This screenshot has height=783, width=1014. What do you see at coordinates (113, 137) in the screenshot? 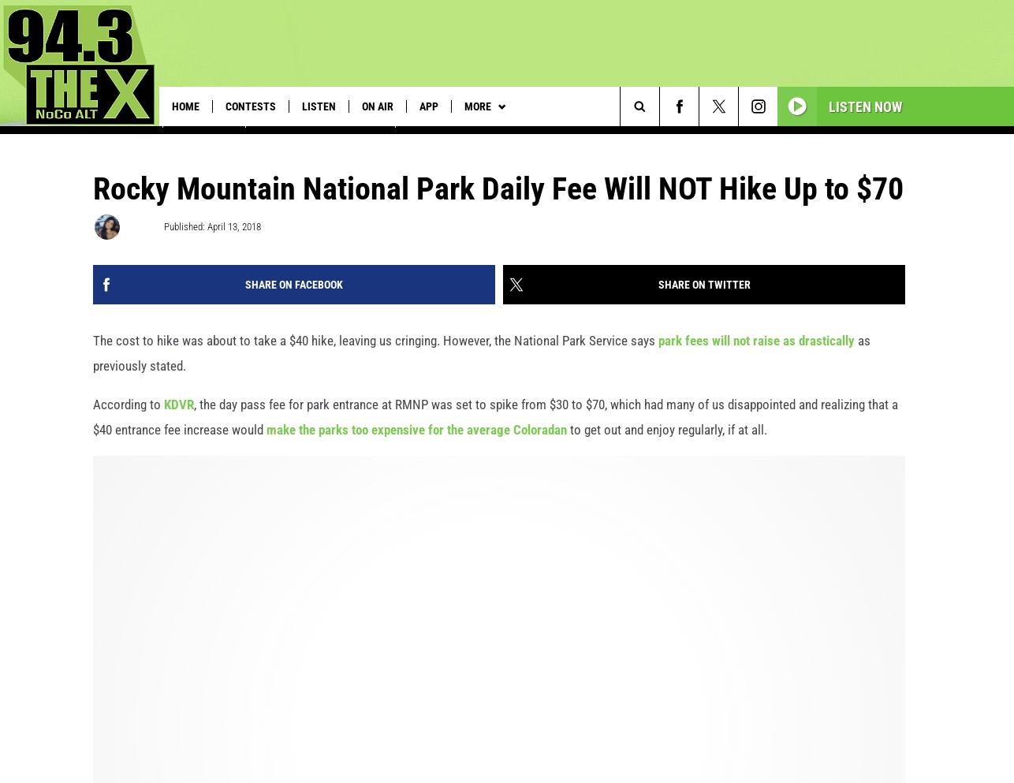
I see `'See U2 in Vegas'` at bounding box center [113, 137].